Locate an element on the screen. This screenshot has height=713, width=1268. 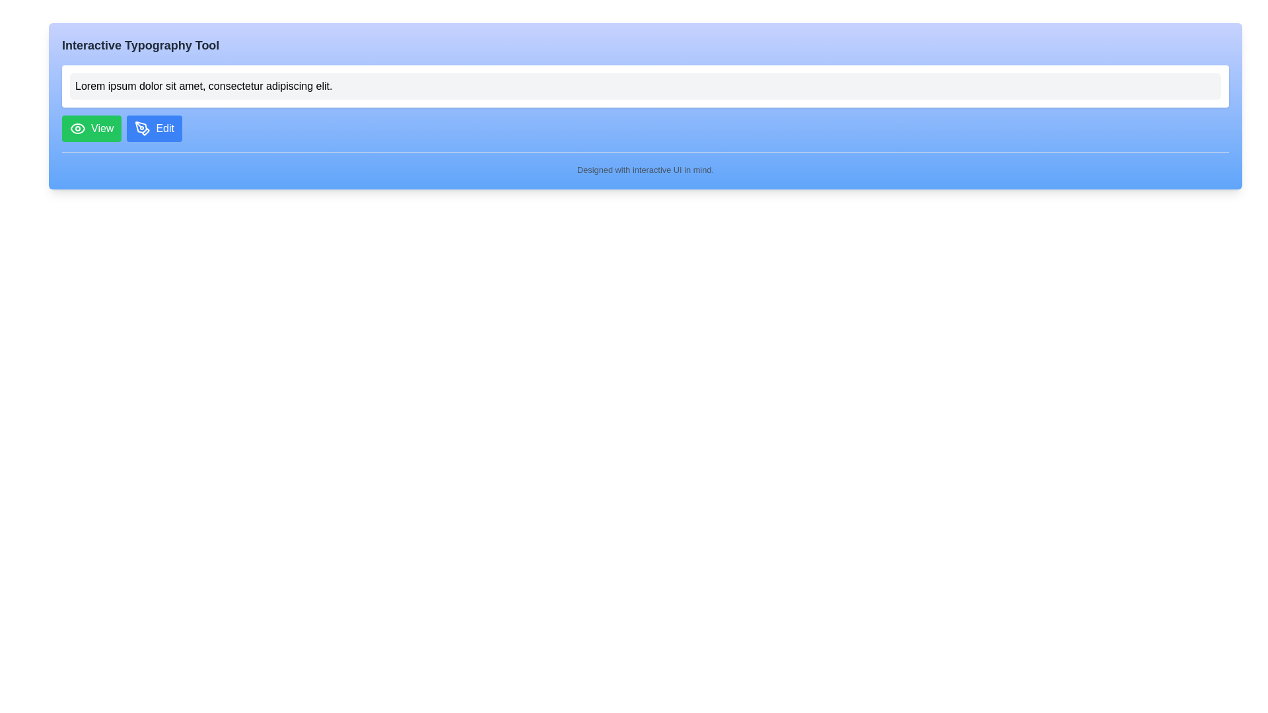
the icon representing the action of viewing content, which is located inside the green button labeled 'View' to the left of the text is located at coordinates (77, 129).